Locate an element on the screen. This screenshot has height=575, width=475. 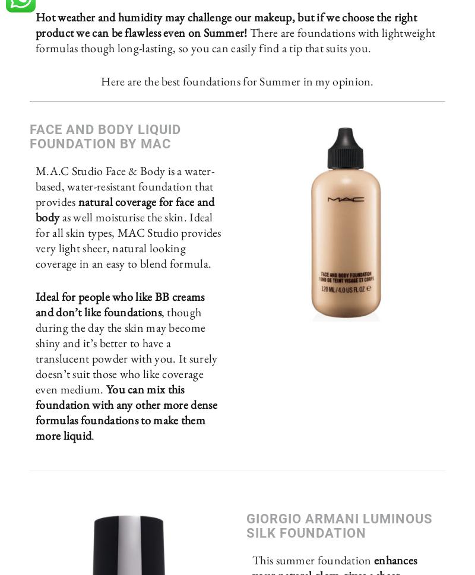
'natural coverage for face and body' is located at coordinates (125, 209).